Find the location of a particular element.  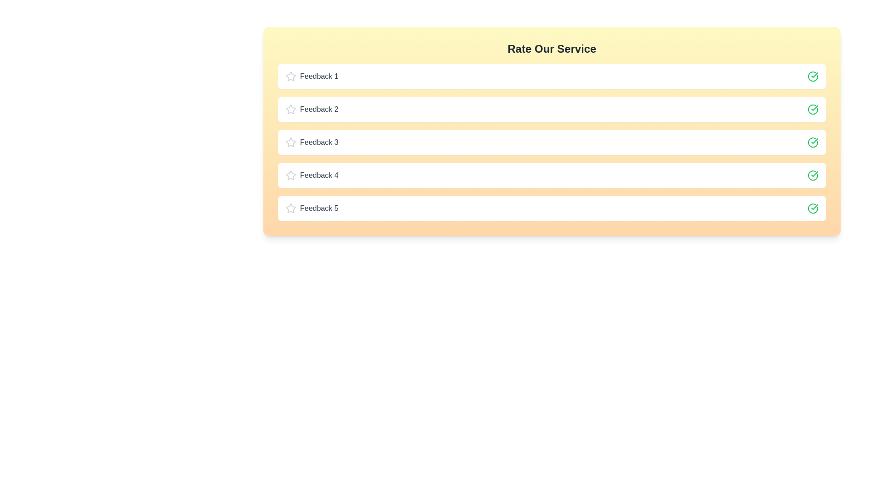

the check icon for feedback 3 to toggle its rating is located at coordinates (813, 143).